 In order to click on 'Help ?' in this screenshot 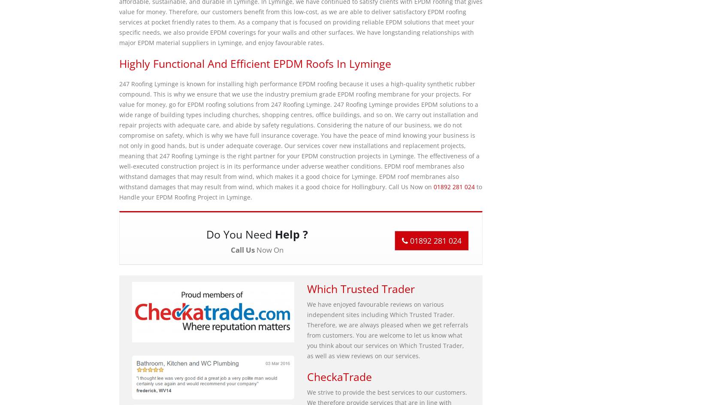, I will do `click(291, 234)`.